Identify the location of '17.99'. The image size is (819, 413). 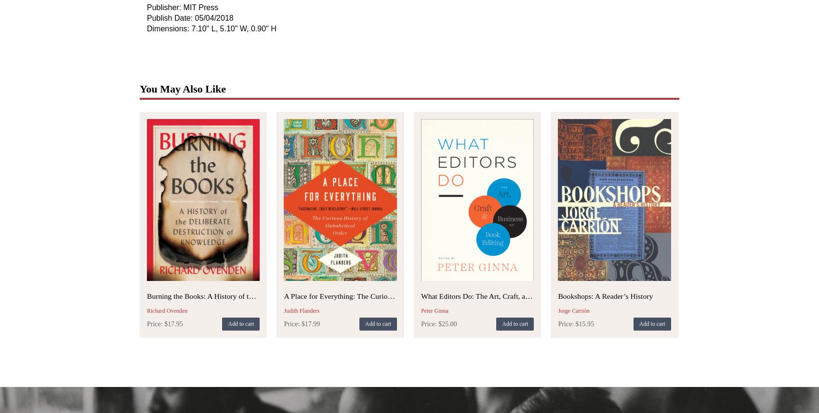
(312, 323).